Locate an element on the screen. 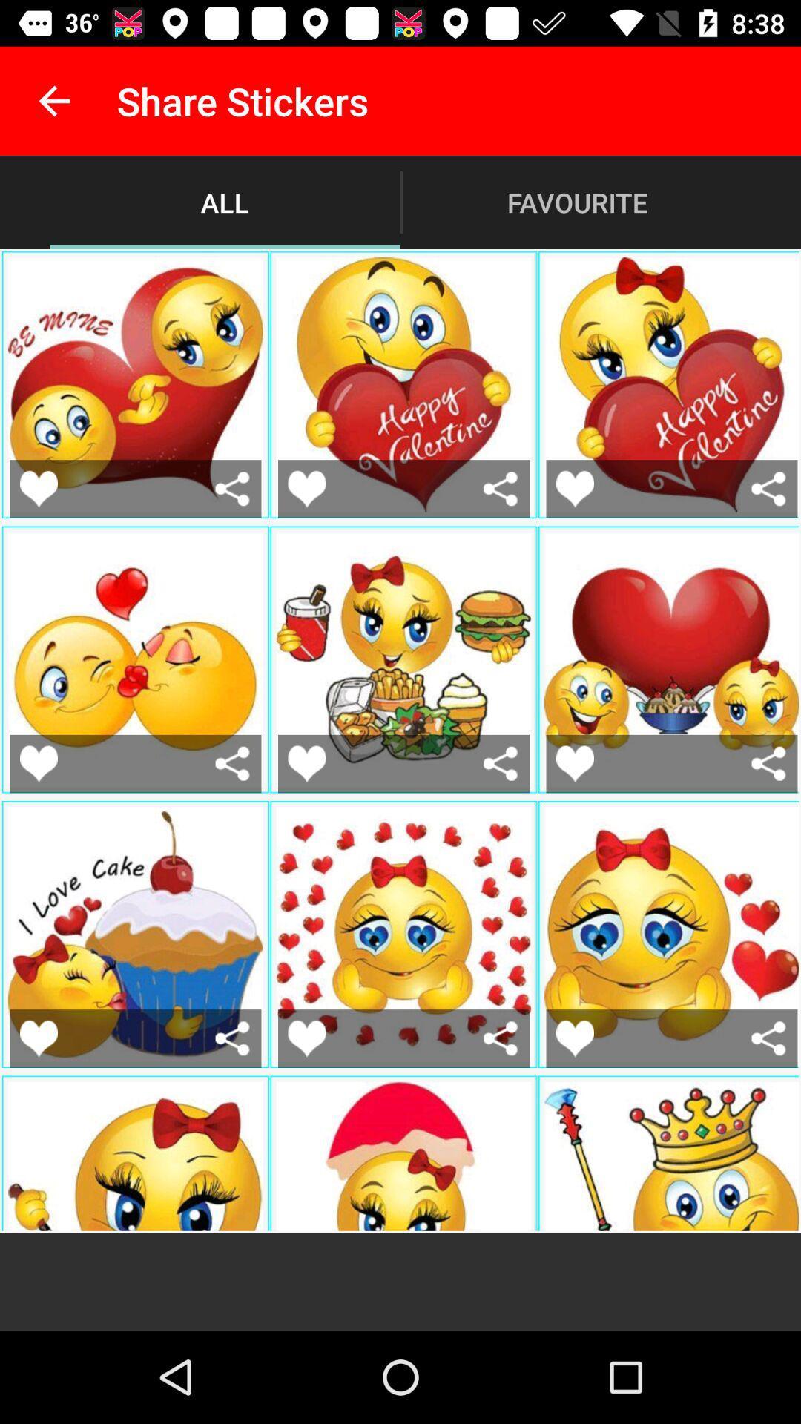  press to like is located at coordinates (306, 763).